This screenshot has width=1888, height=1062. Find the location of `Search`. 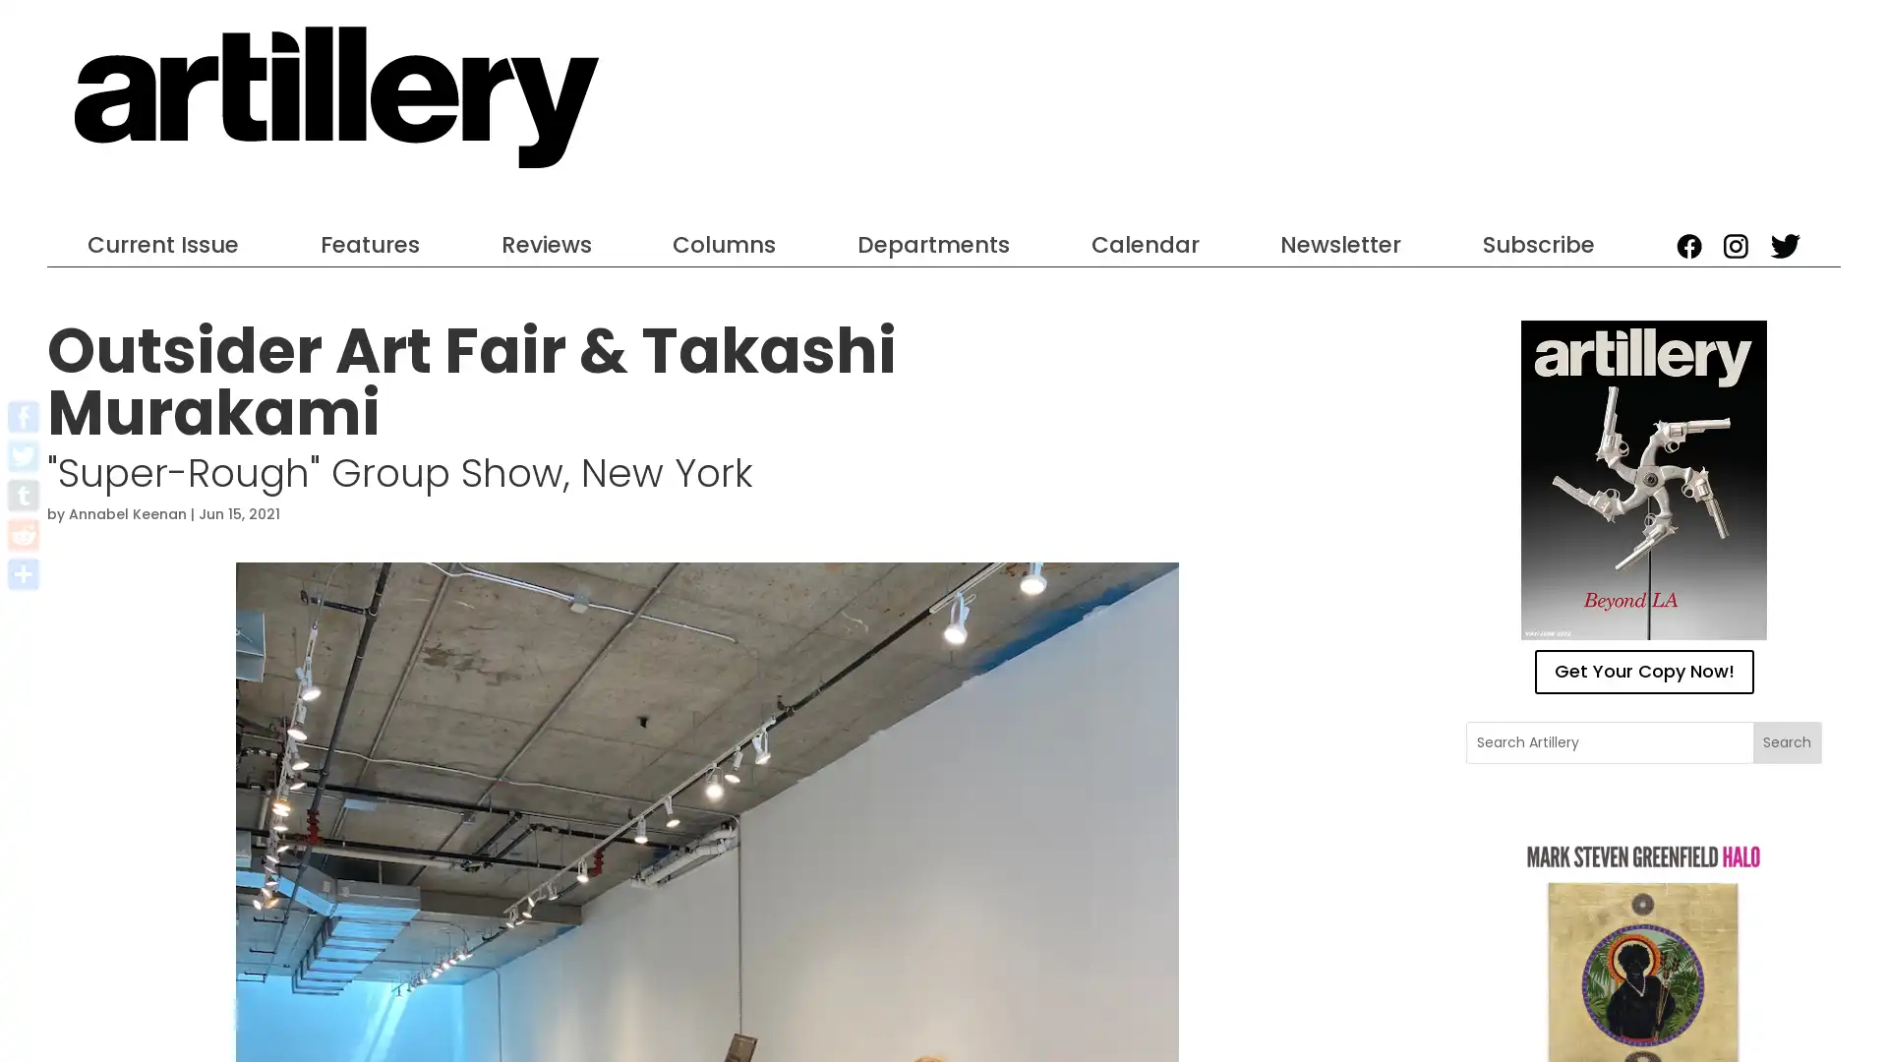

Search is located at coordinates (1786, 741).